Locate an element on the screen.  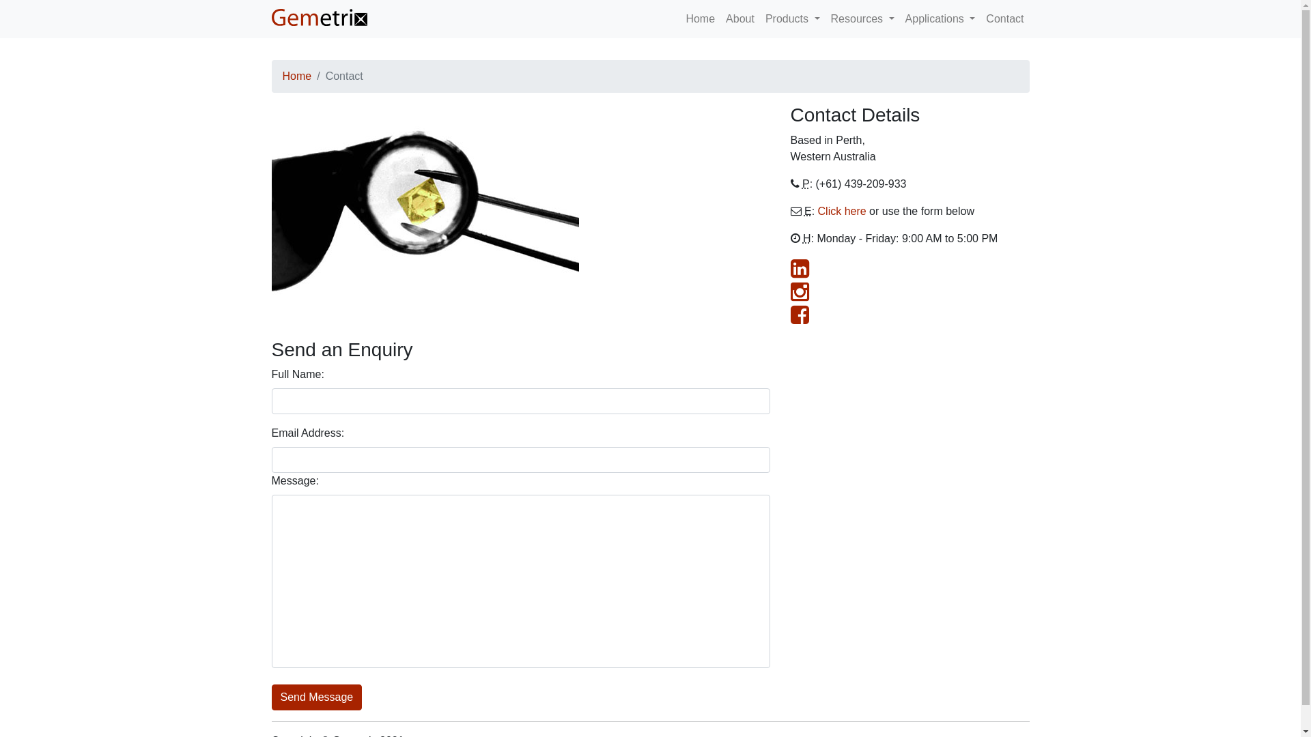
'Contact' is located at coordinates (1004, 18).